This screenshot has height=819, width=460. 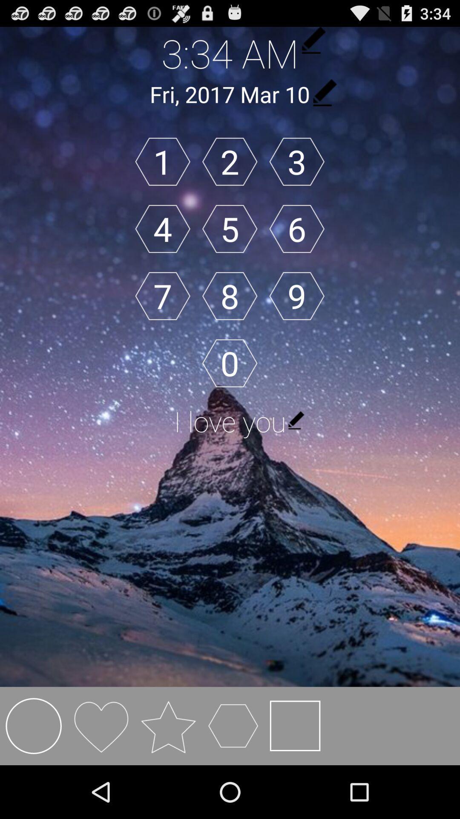 What do you see at coordinates (229, 296) in the screenshot?
I see `8` at bounding box center [229, 296].